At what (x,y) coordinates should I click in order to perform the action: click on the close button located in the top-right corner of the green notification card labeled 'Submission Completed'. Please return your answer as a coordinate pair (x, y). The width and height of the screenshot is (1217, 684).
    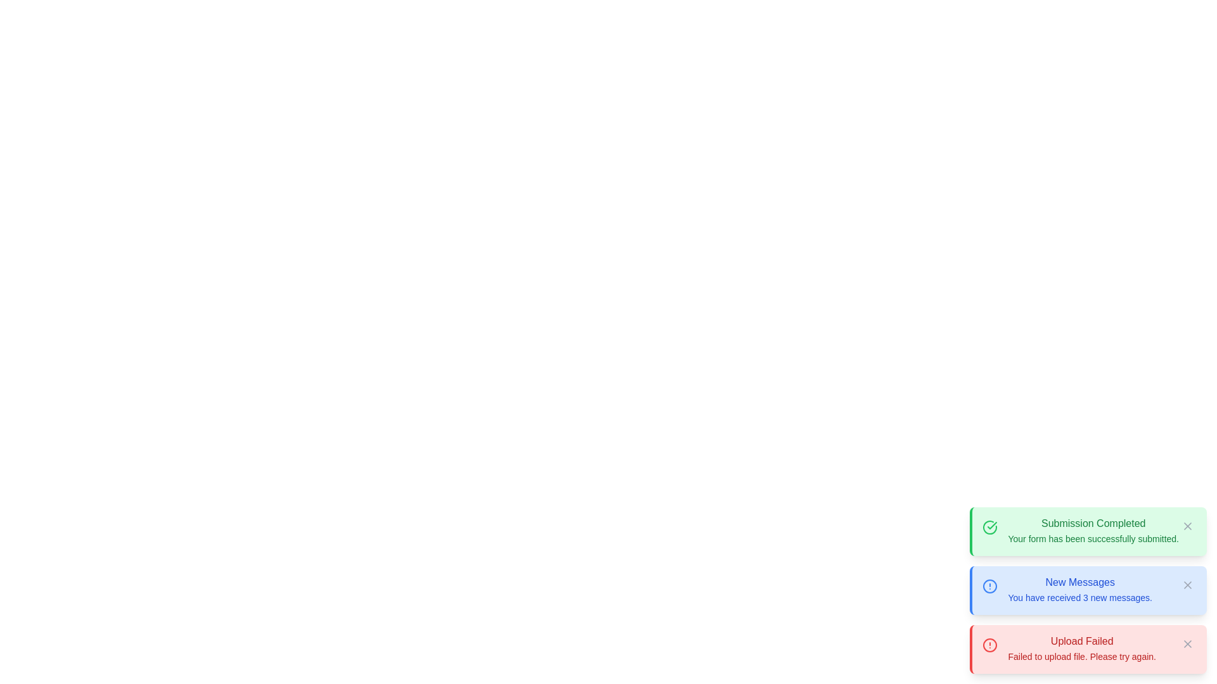
    Looking at the image, I should click on (1187, 526).